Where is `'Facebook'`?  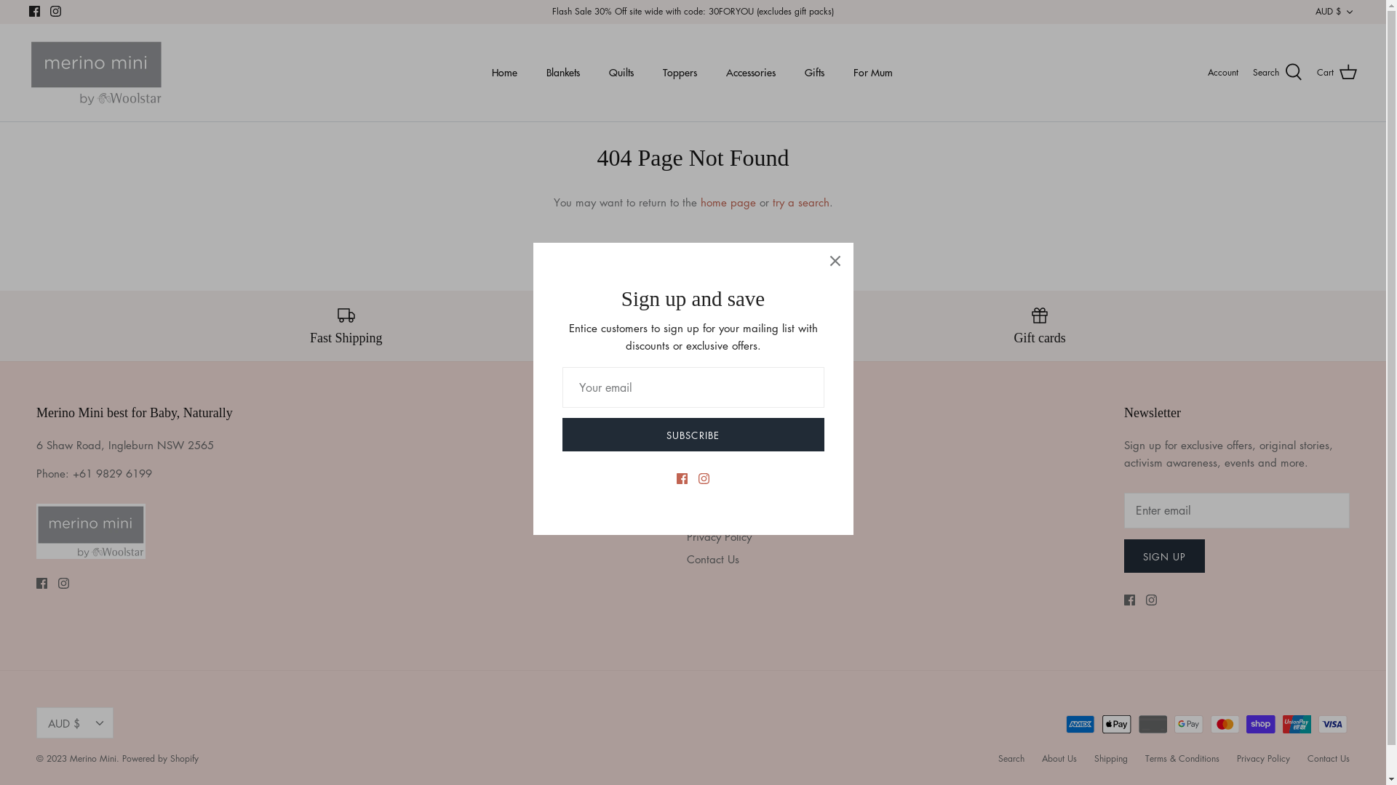 'Facebook' is located at coordinates (1129, 600).